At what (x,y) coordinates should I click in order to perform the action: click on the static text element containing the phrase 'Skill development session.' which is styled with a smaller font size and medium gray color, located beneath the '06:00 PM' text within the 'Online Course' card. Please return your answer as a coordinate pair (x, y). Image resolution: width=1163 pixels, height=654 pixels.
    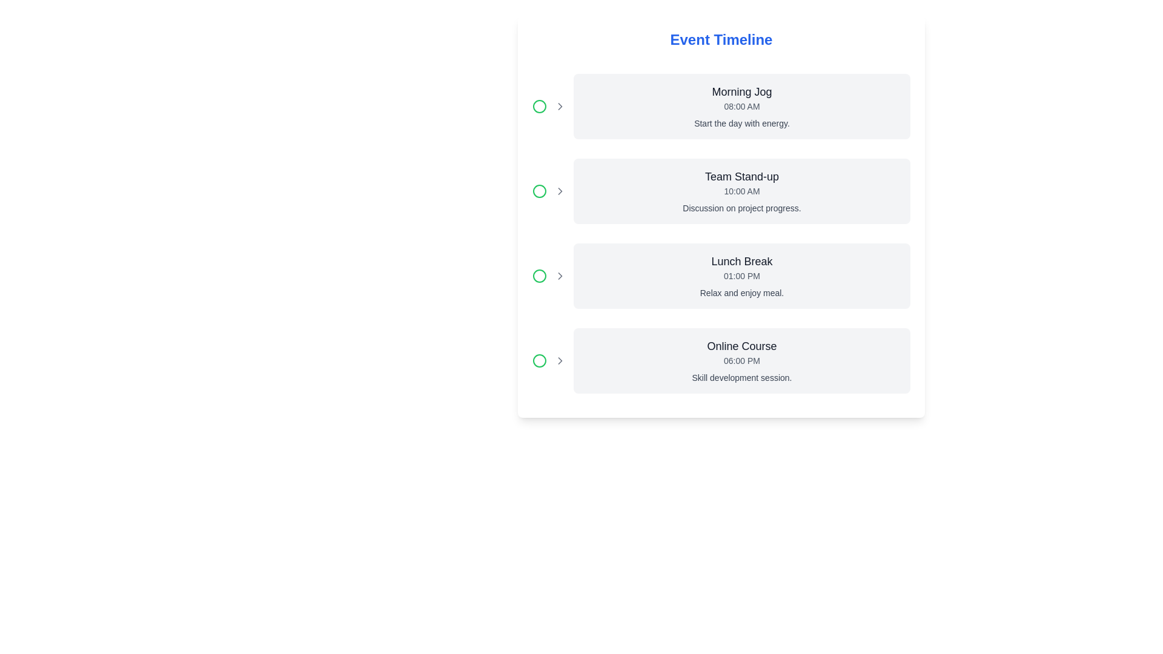
    Looking at the image, I should click on (741, 377).